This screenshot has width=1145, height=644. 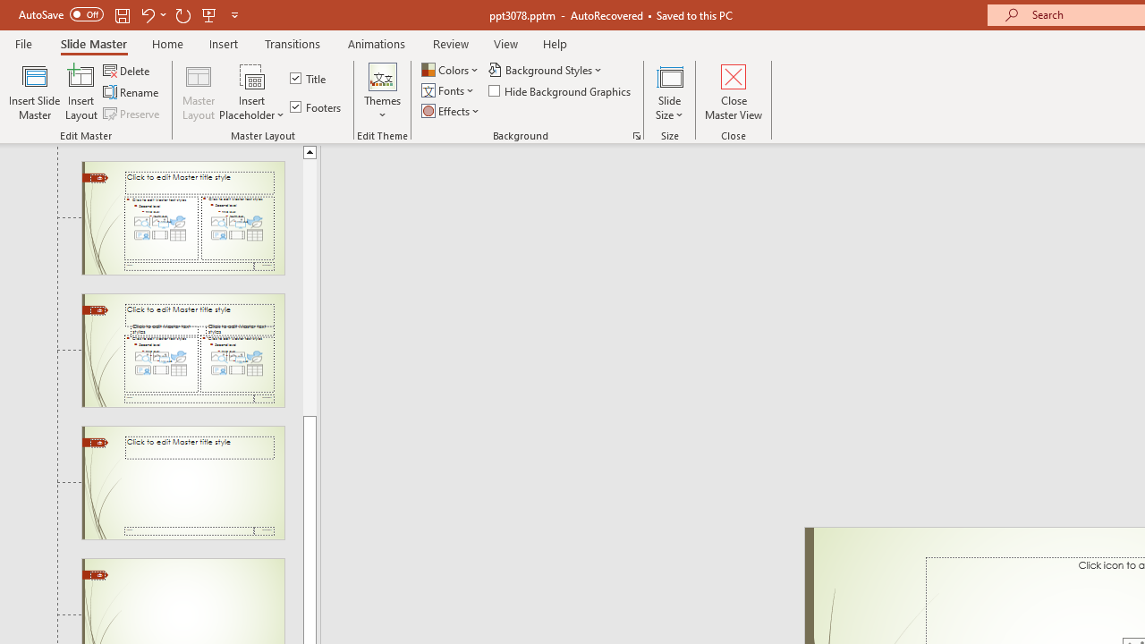 I want to click on 'Footers', so click(x=317, y=106).